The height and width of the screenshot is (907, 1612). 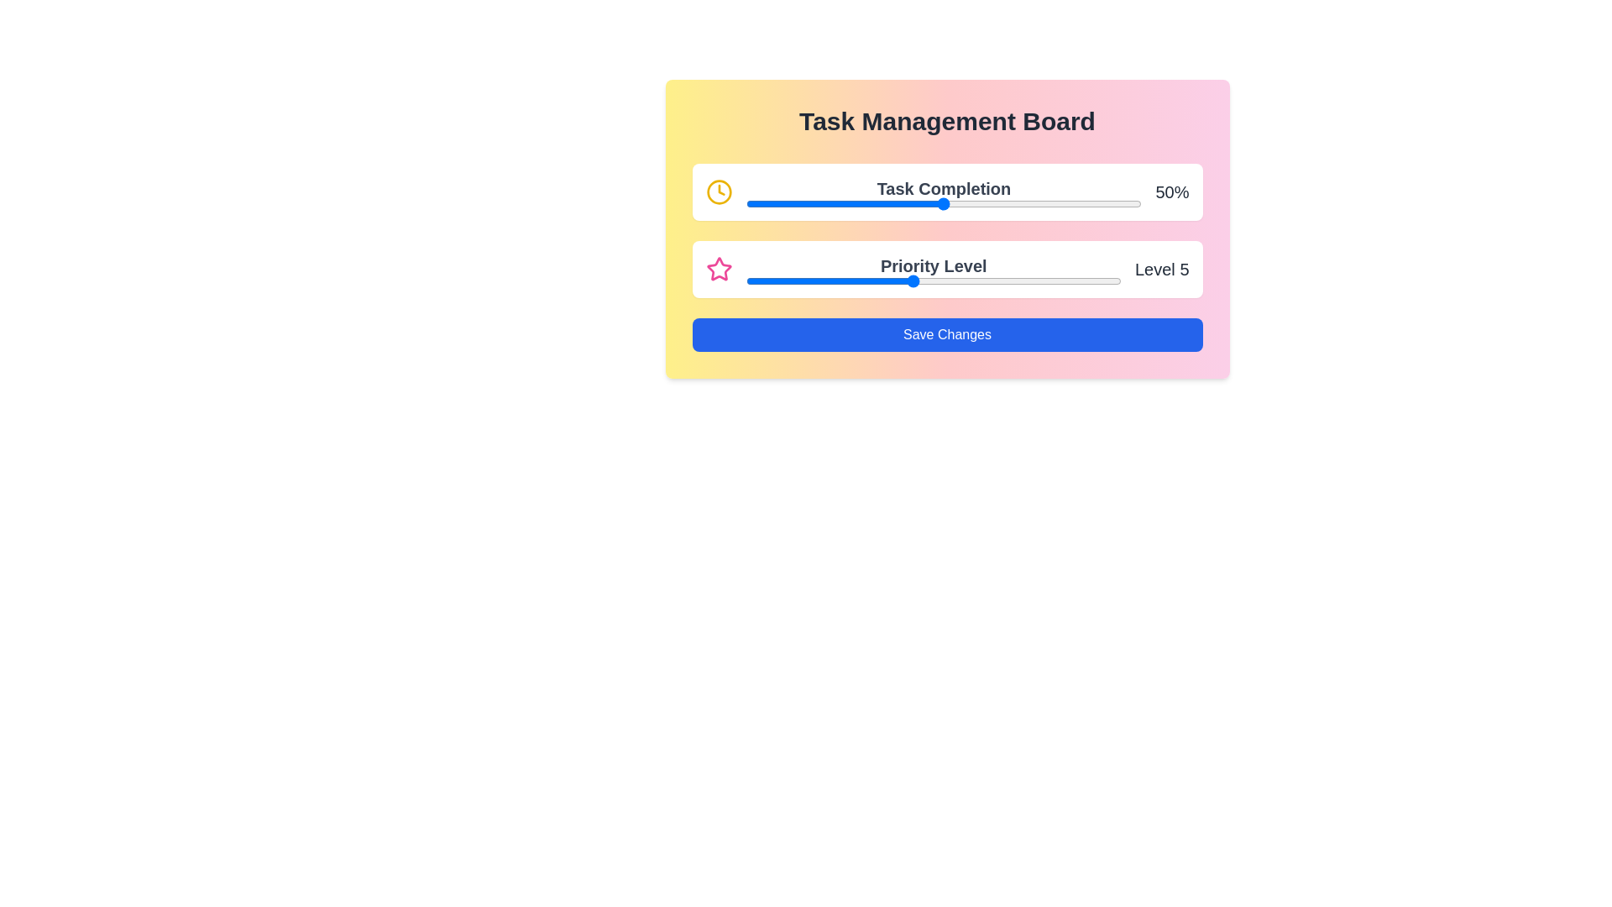 What do you see at coordinates (868, 203) in the screenshot?
I see `task completion percentage` at bounding box center [868, 203].